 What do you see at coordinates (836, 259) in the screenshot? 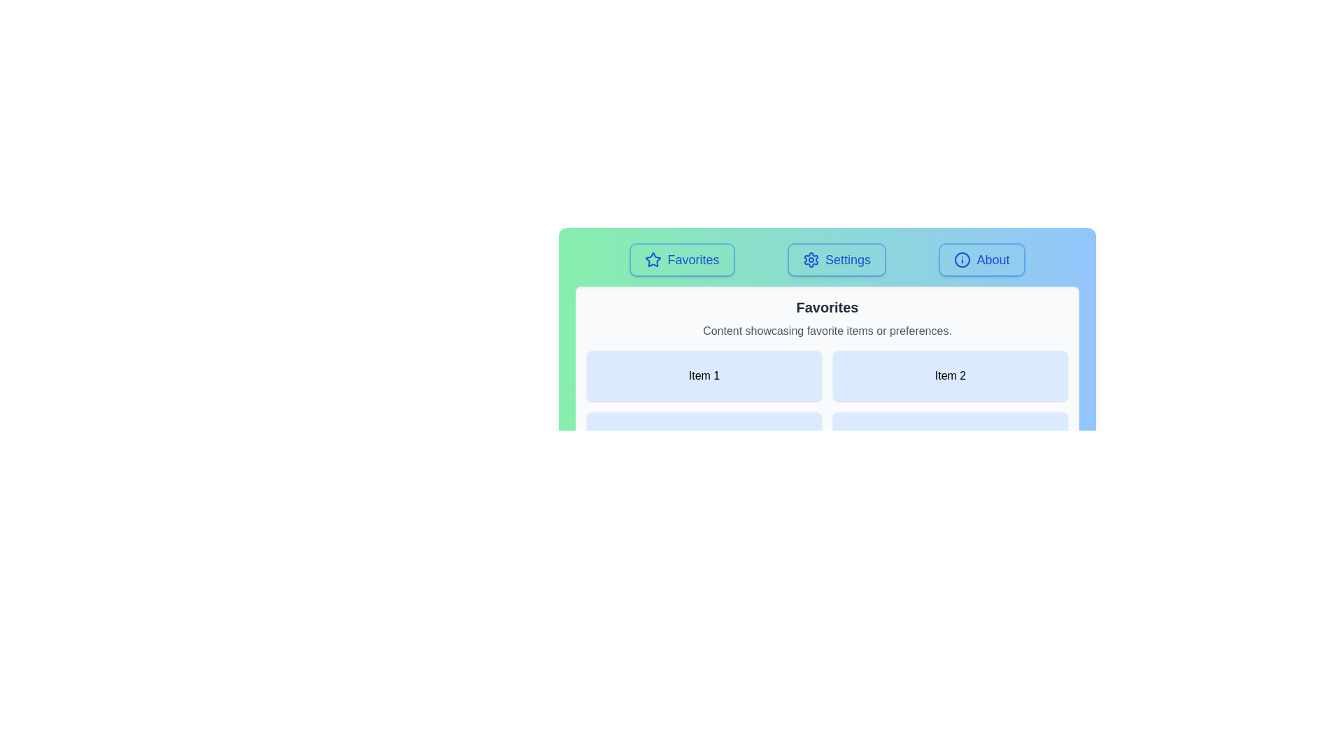
I see `the Settings tab by clicking on its button` at bounding box center [836, 259].